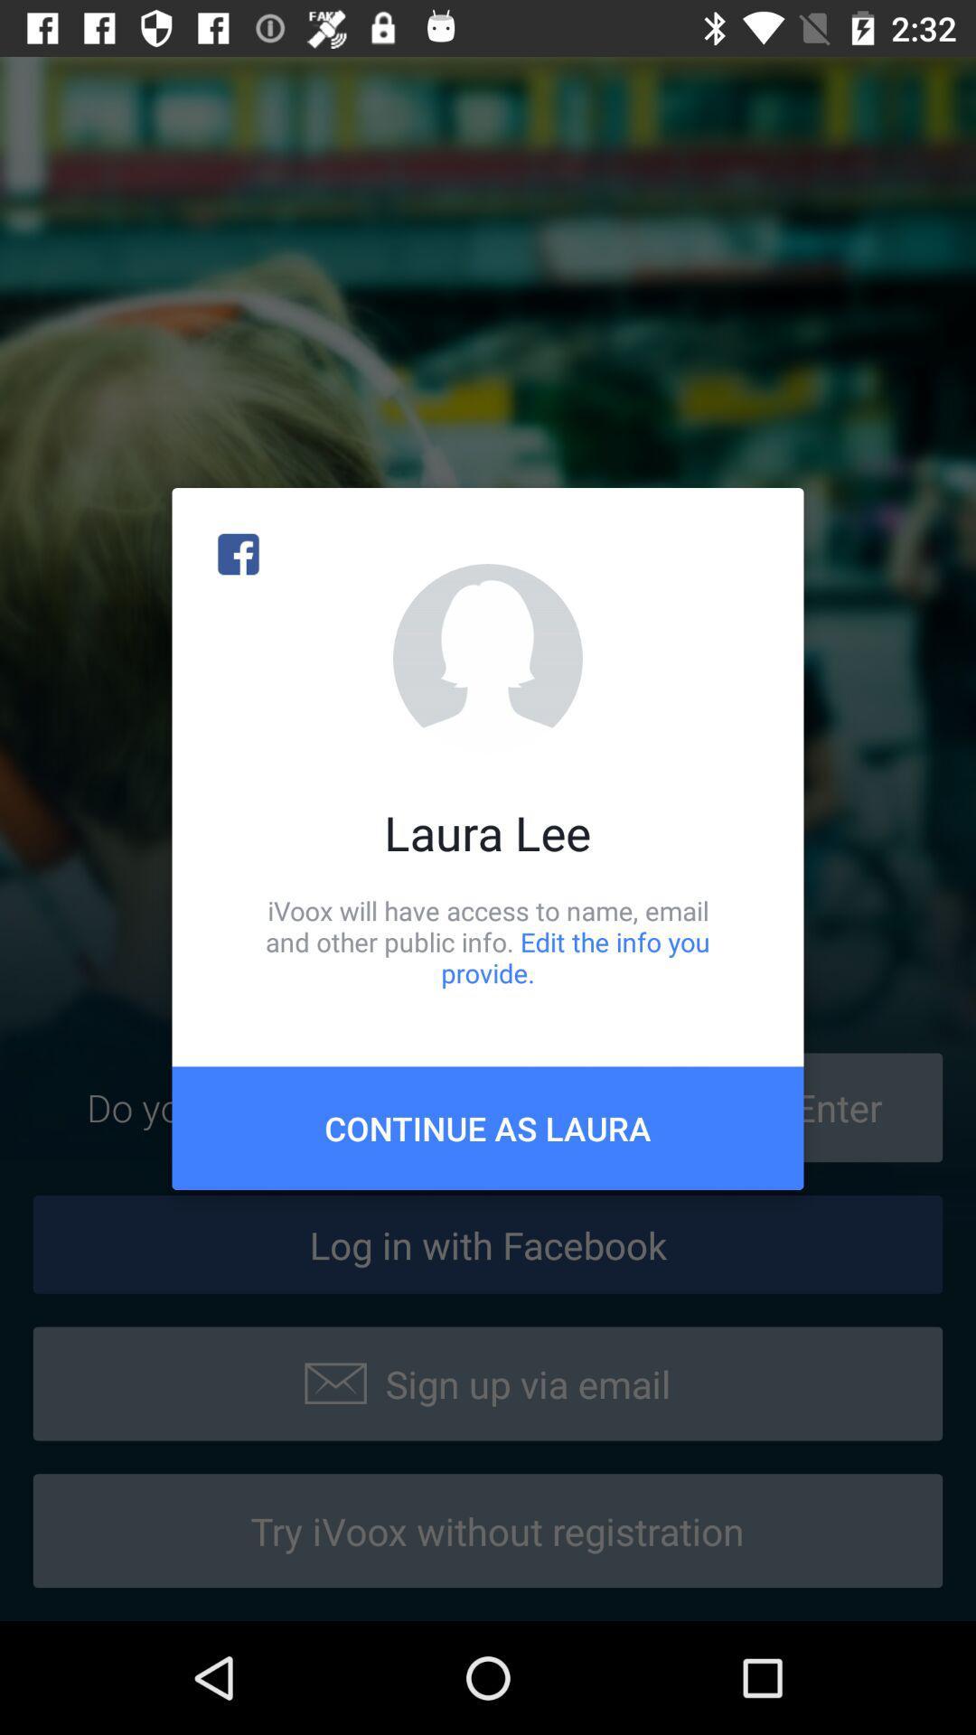 The height and width of the screenshot is (1735, 976). Describe the element at coordinates (488, 941) in the screenshot. I see `icon above continue as laura` at that location.